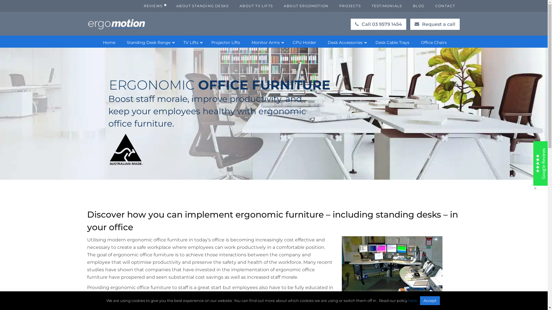  I want to click on 'Standing Desk Australia', so click(116, 24).